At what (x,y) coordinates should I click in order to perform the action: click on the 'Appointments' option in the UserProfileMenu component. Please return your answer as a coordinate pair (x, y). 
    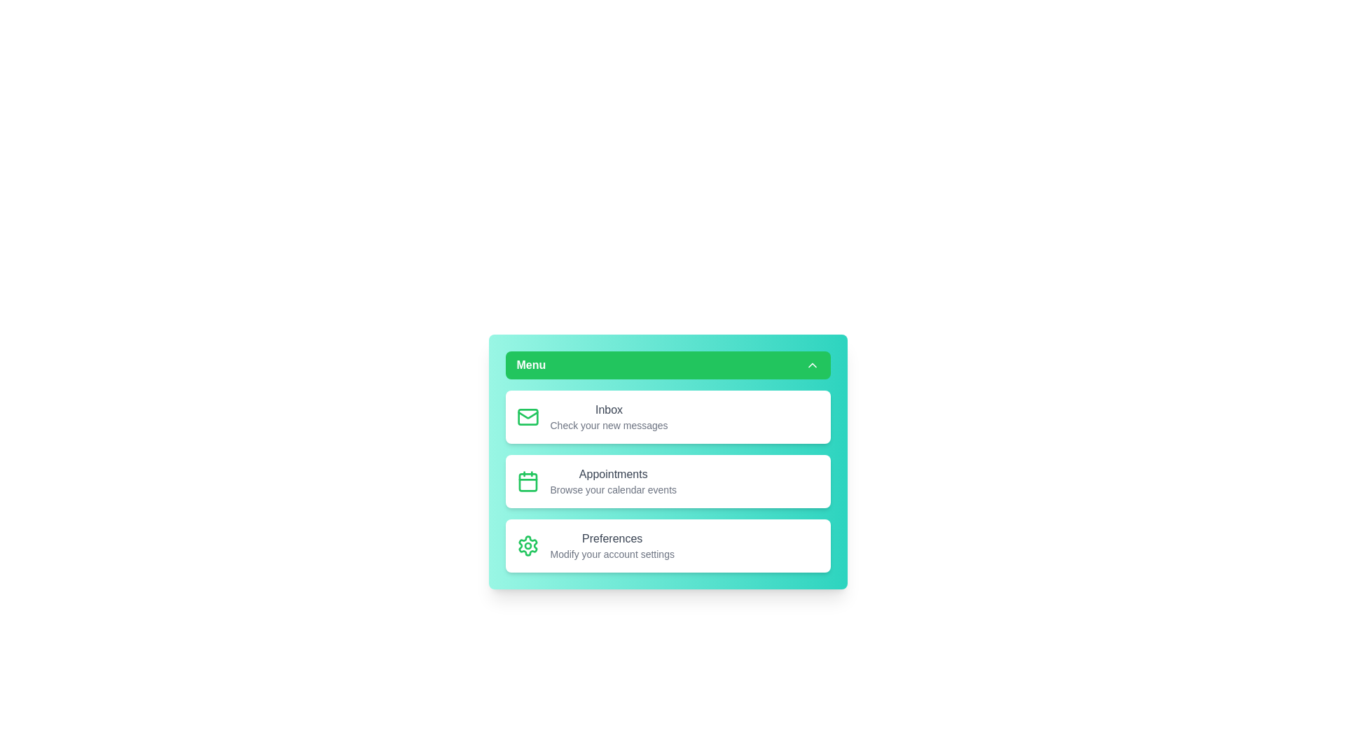
    Looking at the image, I should click on (667, 480).